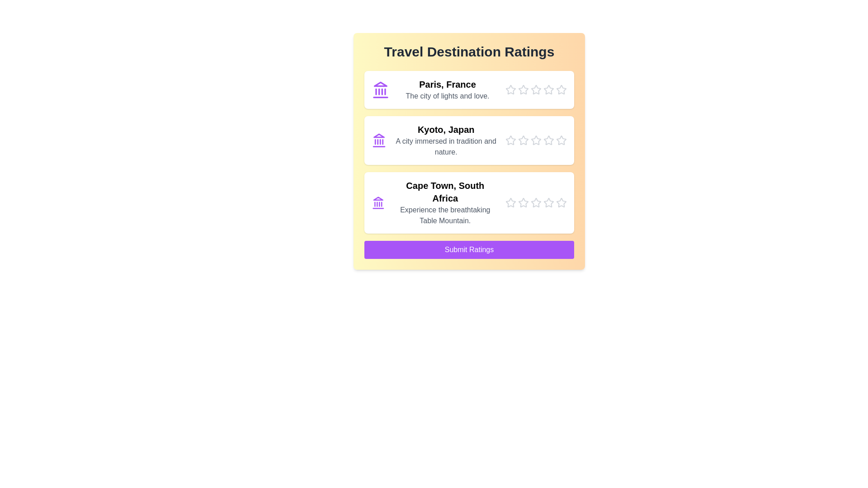 Image resolution: width=868 pixels, height=488 pixels. What do you see at coordinates (469, 249) in the screenshot?
I see `the 'Submit Ratings' button to submit the ratings` at bounding box center [469, 249].